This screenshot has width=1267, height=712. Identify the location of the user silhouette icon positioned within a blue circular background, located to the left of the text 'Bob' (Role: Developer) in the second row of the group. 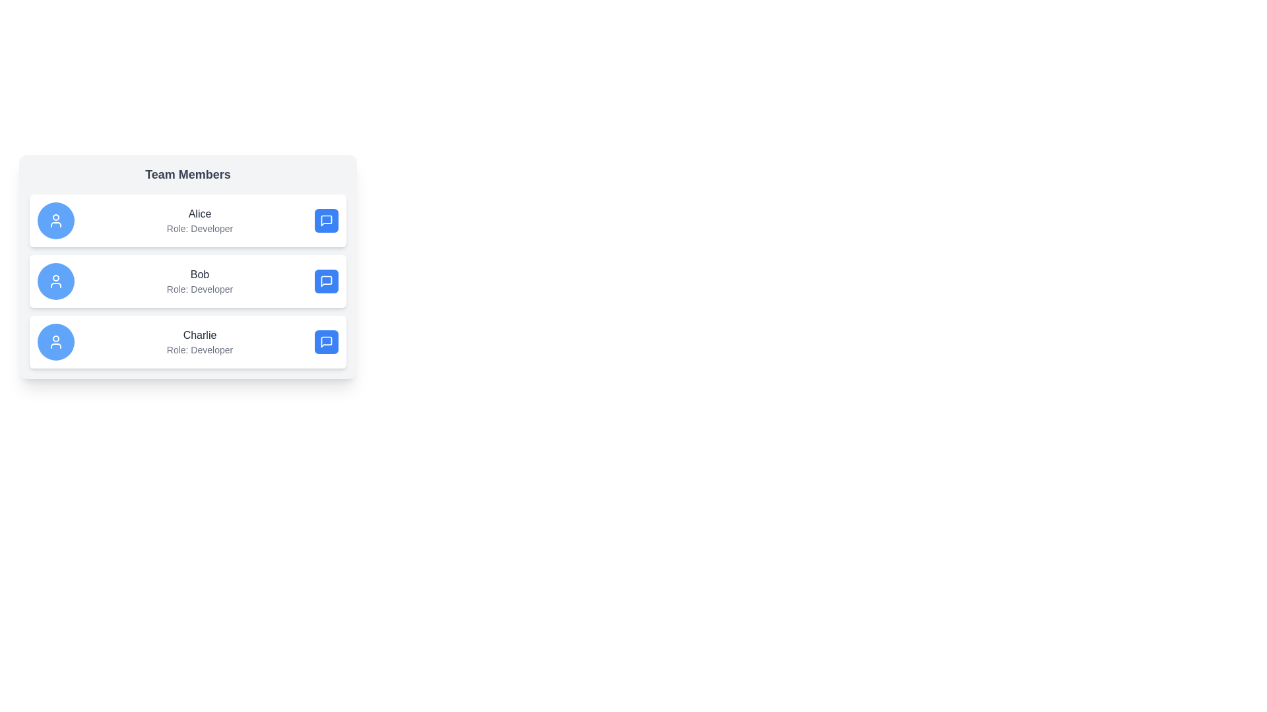
(55, 281).